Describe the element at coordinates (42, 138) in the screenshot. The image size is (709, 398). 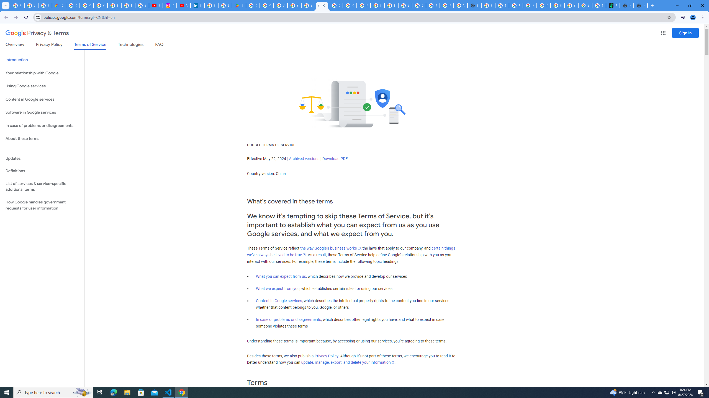
I see `'About these terms'` at that location.